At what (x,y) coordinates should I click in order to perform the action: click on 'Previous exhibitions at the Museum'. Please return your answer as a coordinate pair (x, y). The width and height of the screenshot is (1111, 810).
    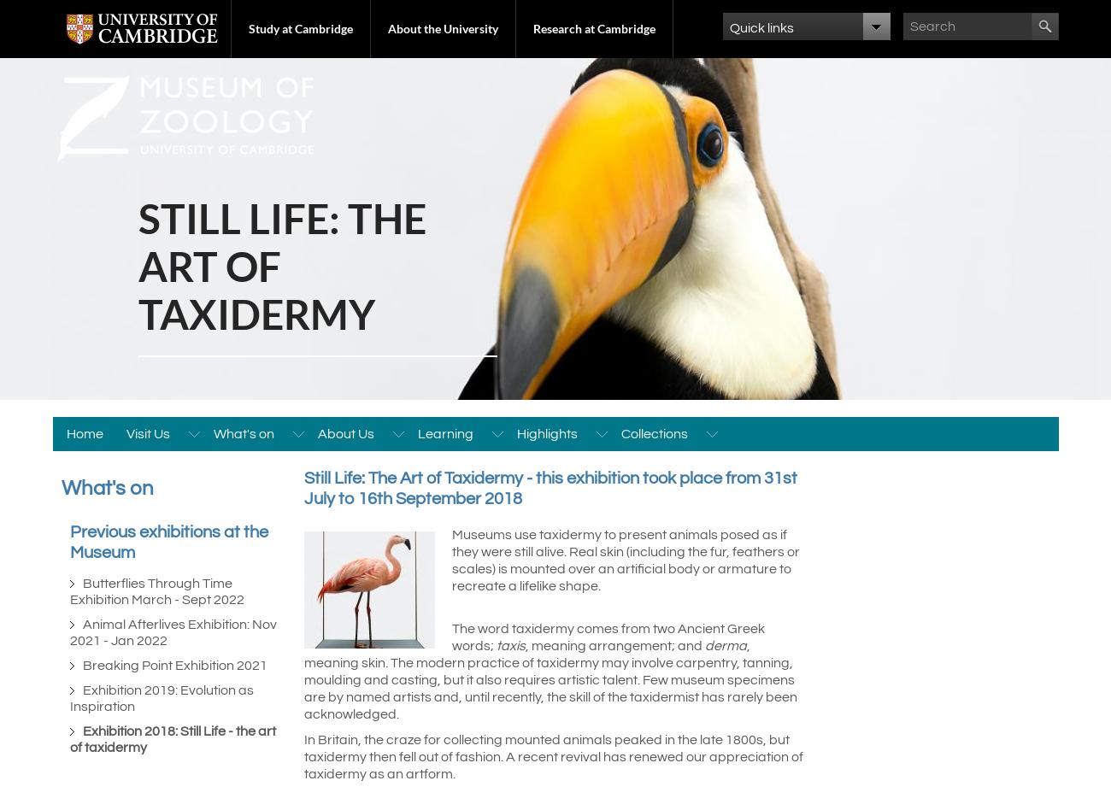
    Looking at the image, I should click on (168, 541).